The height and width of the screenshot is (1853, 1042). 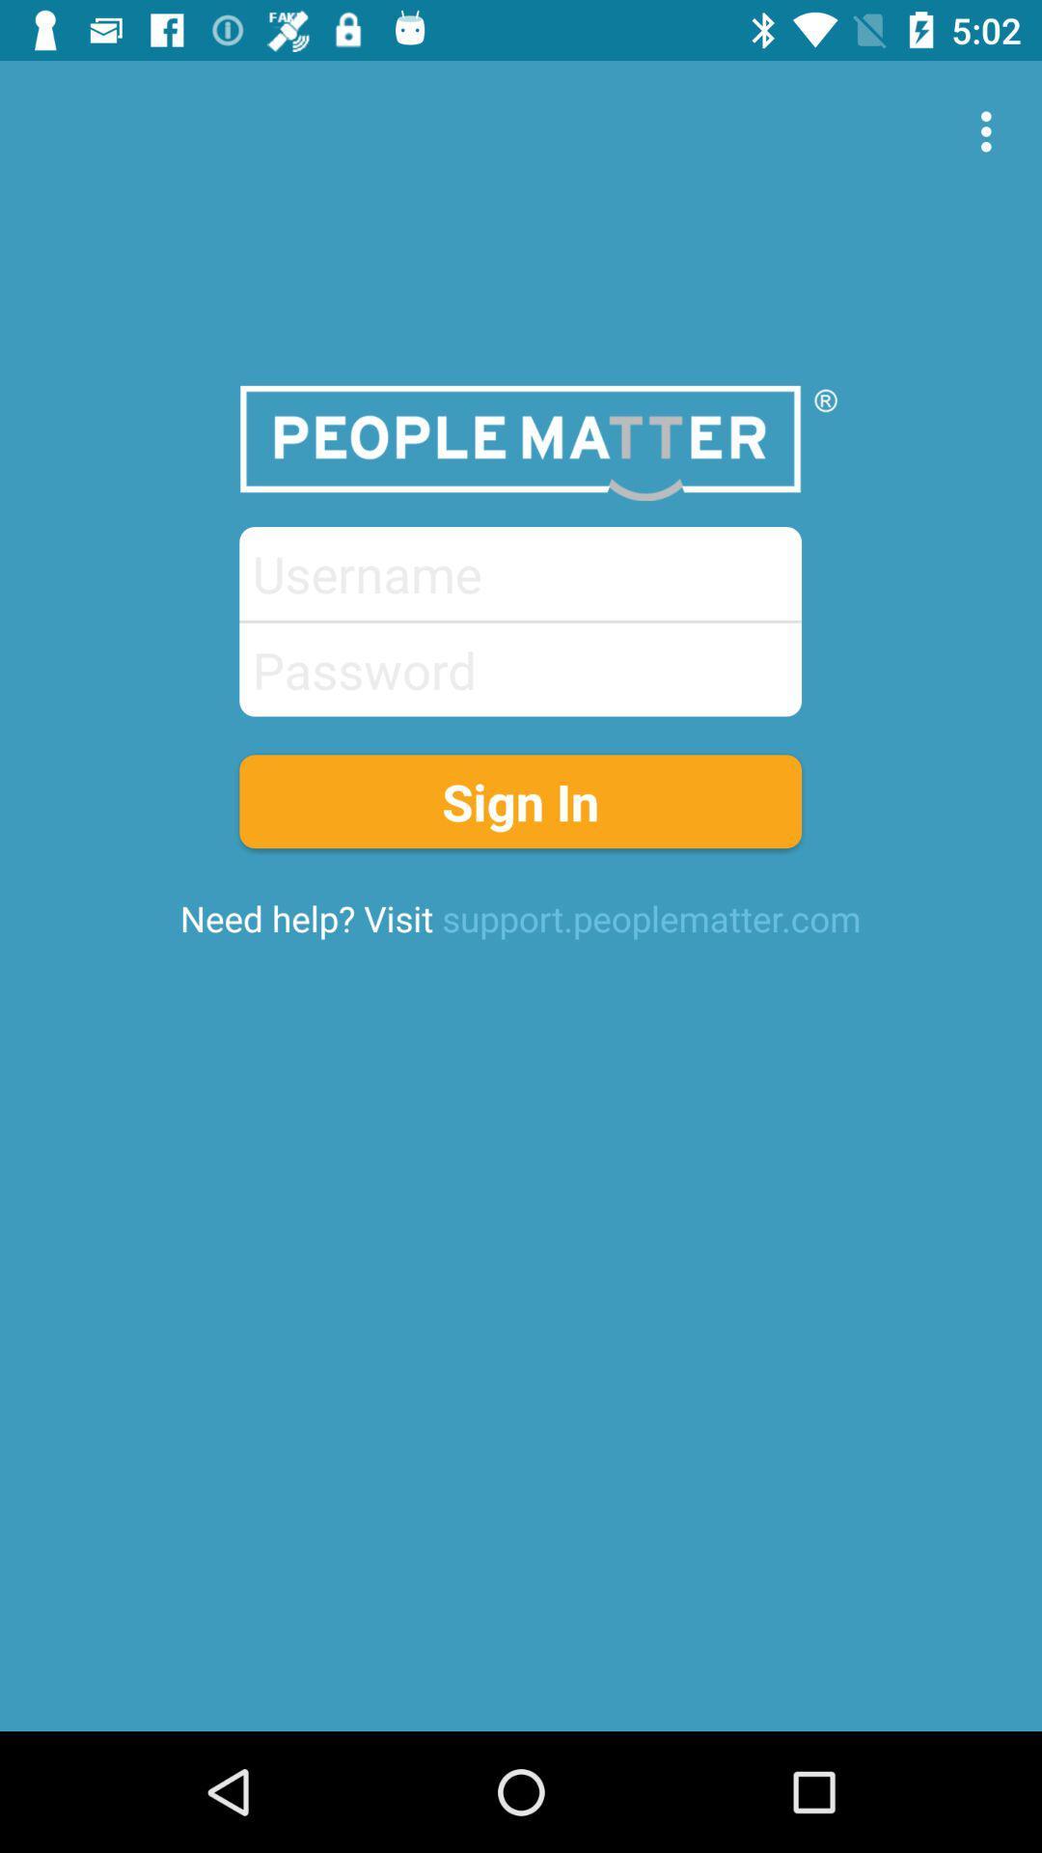 What do you see at coordinates (519, 801) in the screenshot?
I see `the icon above need help visit icon` at bounding box center [519, 801].